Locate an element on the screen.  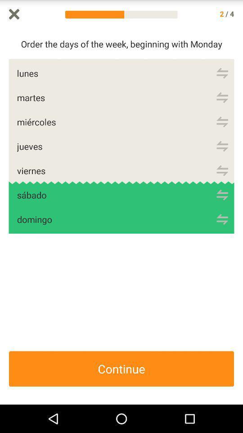
the continue icon is located at coordinates (121, 369).